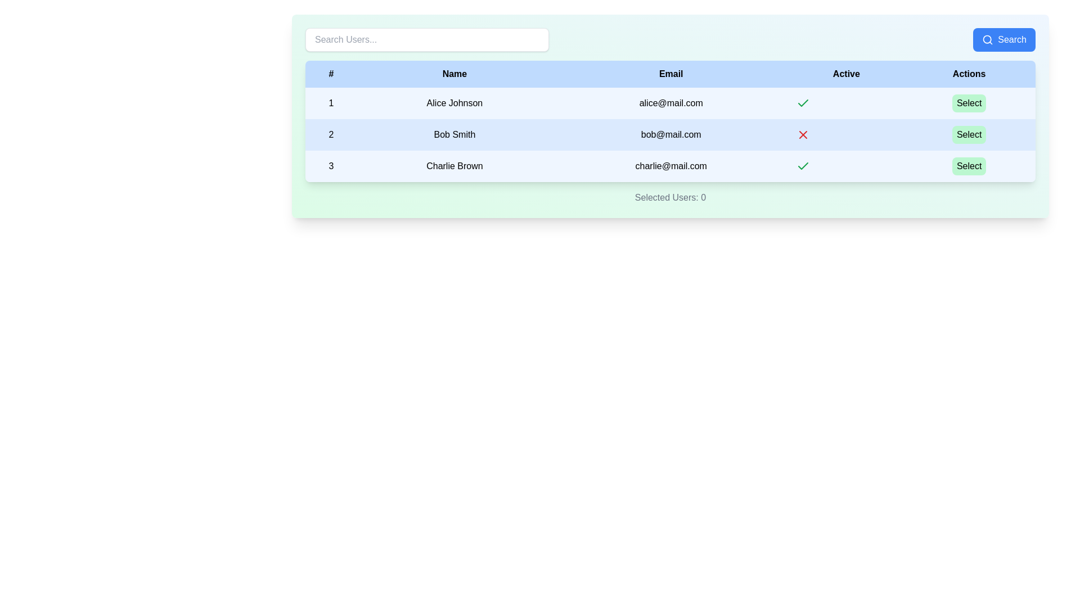  I want to click on the red cross icon associated with 'Bob Smith' in the 'Active' column of the second row, so click(803, 134).